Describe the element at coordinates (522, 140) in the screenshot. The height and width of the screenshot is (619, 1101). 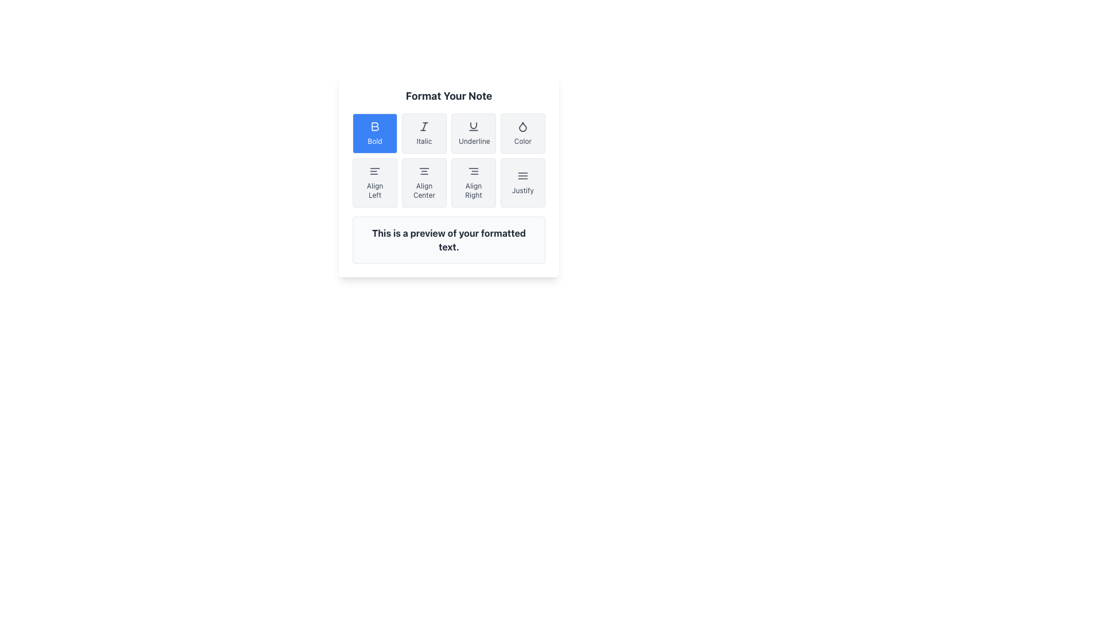
I see `descriptive text label located at the bottom of the 'Format Your Note' section, directly underneath the droplet icon` at that location.